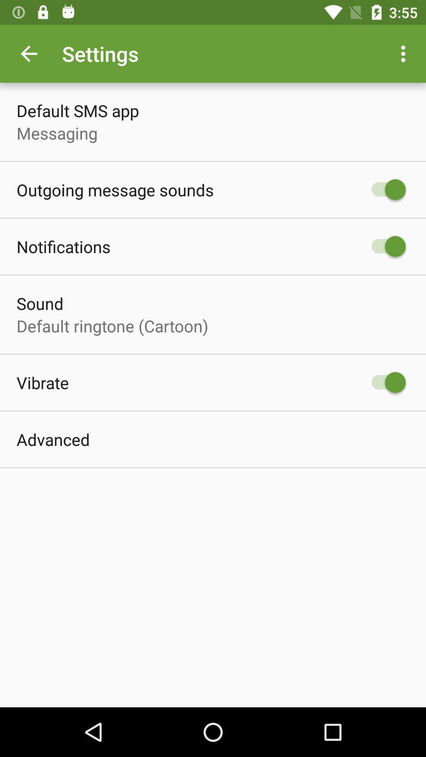  I want to click on the vibrate icon, so click(43, 382).